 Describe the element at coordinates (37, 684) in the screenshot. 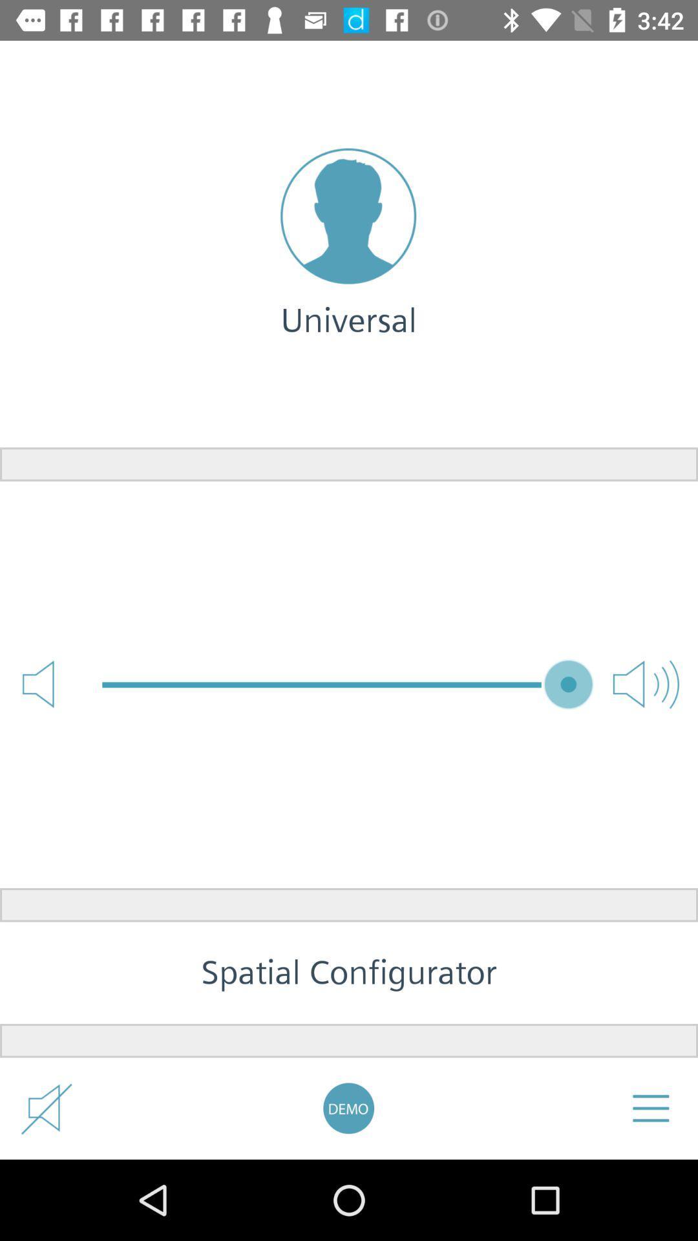

I see `the volume icon` at that location.